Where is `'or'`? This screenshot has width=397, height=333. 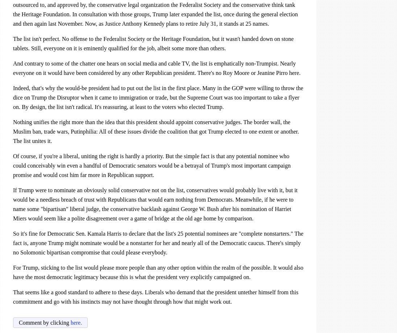 'or' is located at coordinates (253, 72).